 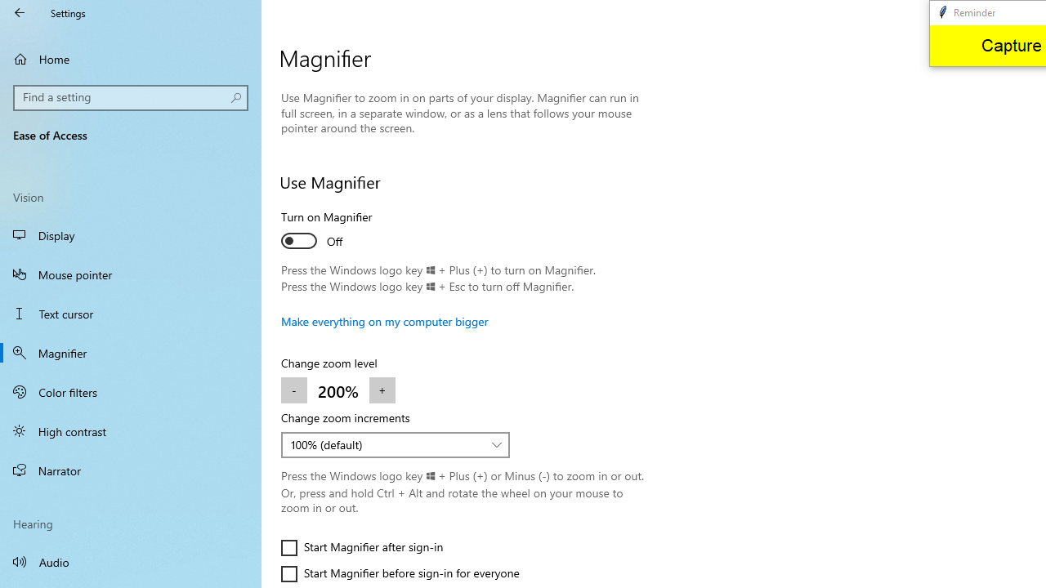 I want to click on 'Back', so click(x=20, y=12).